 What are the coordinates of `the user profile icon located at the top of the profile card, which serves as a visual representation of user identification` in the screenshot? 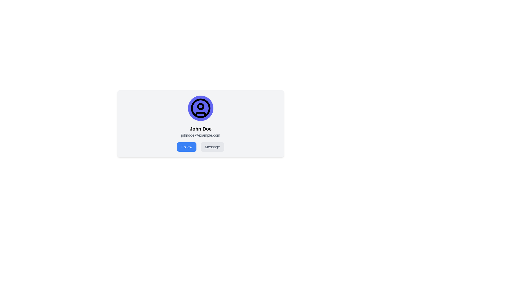 It's located at (200, 108).